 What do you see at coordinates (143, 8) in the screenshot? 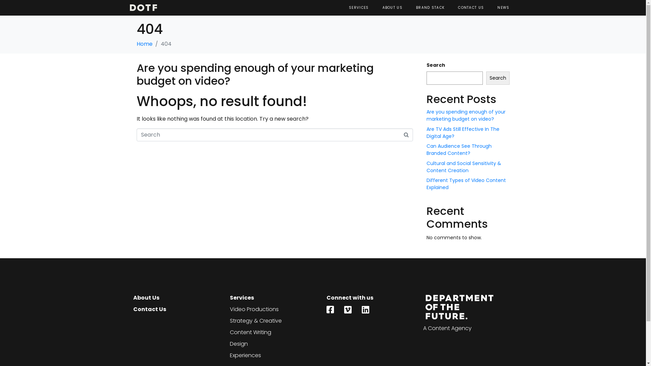
I see `'logo'` at bounding box center [143, 8].